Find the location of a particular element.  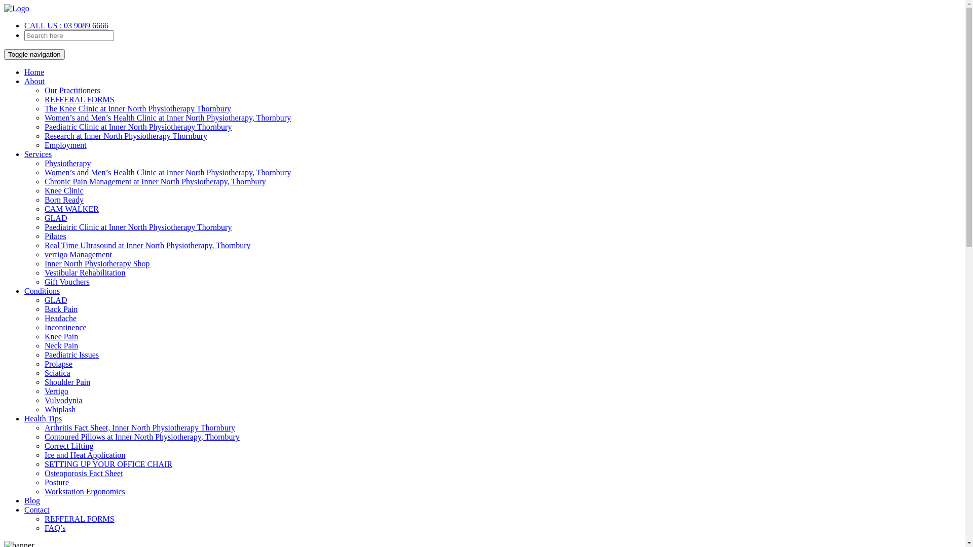

'CAM WALKER' is located at coordinates (71, 208).